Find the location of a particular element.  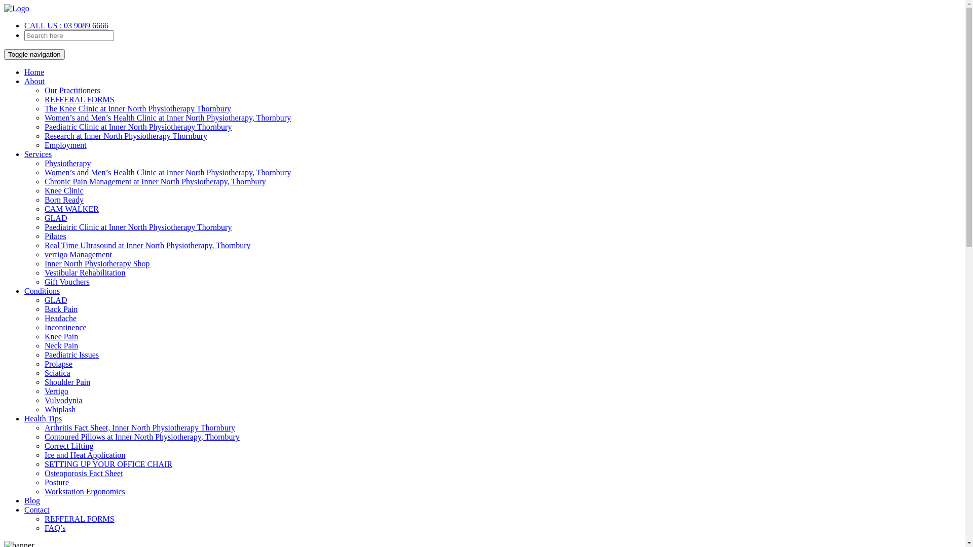

'CAM WALKER' is located at coordinates (71, 208).